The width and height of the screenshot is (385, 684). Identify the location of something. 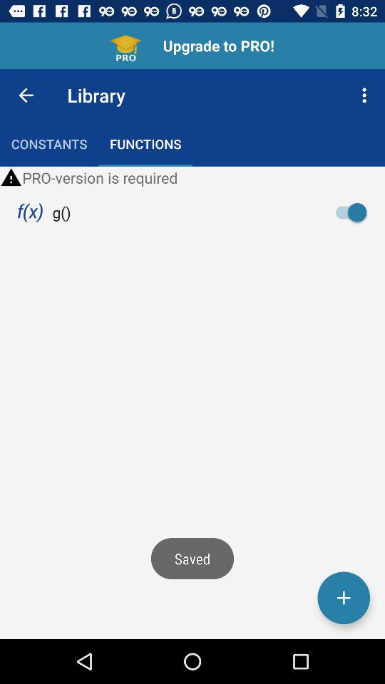
(343, 598).